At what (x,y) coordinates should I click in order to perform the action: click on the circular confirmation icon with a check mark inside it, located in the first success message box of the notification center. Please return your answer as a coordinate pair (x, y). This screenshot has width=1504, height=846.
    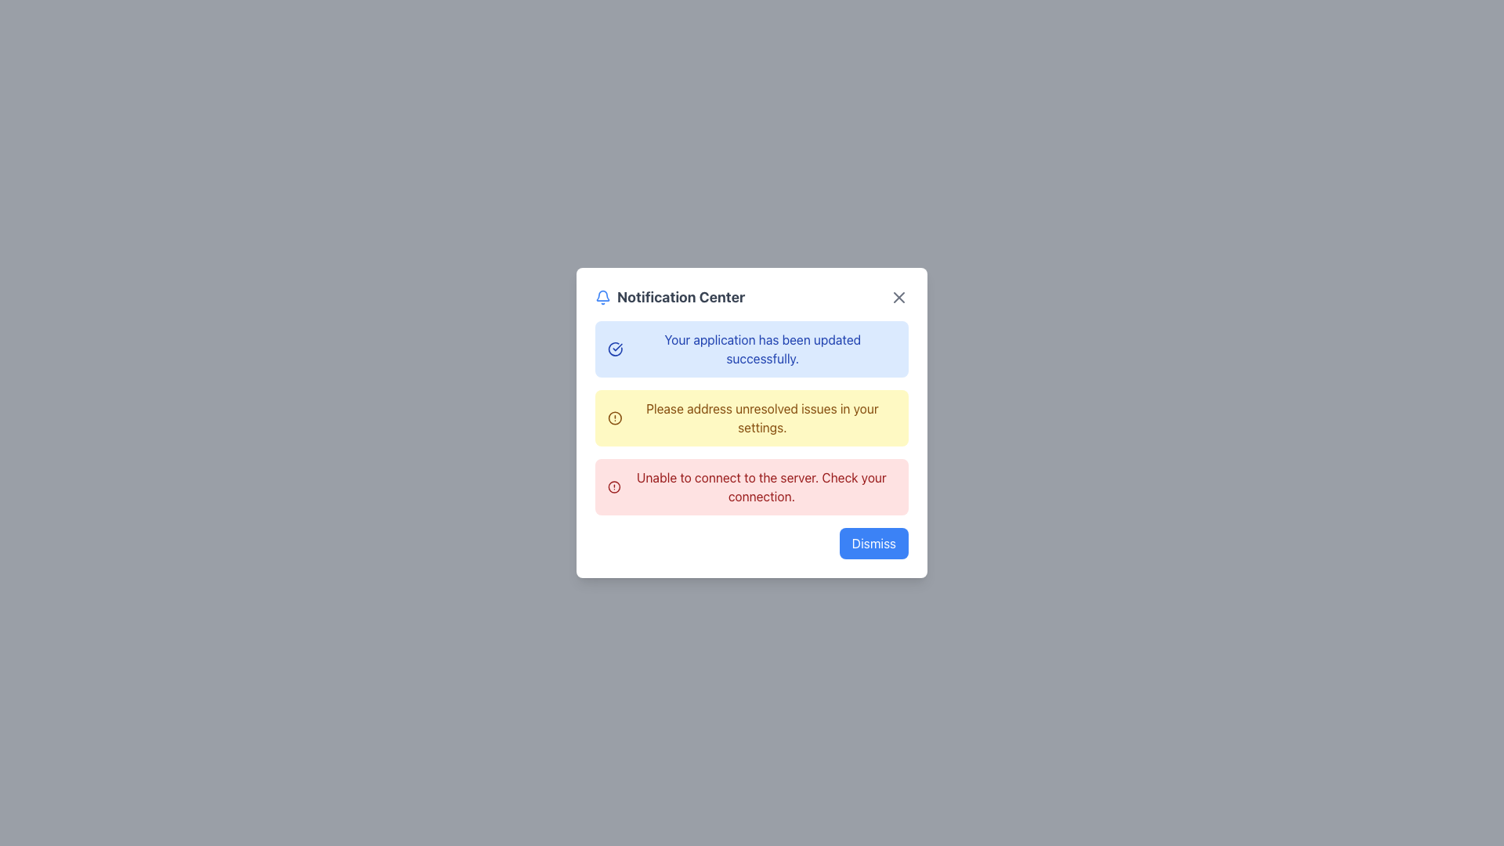
    Looking at the image, I should click on (614, 349).